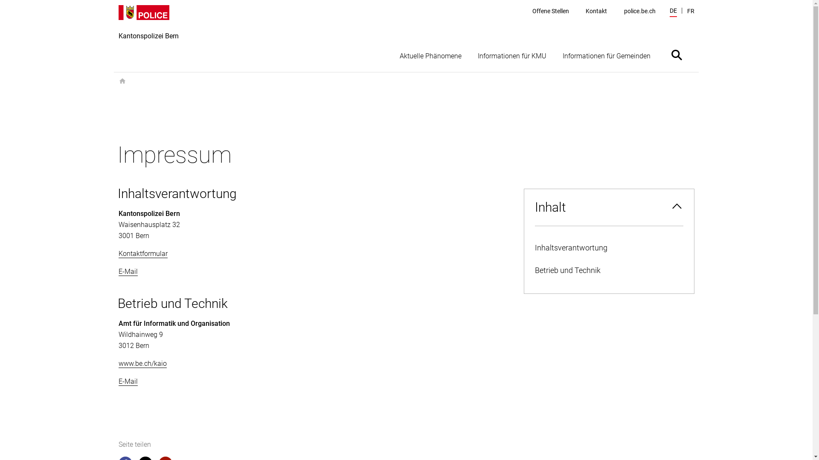 This screenshot has width=819, height=460. Describe the element at coordinates (142, 363) in the screenshot. I see `'www.be.ch/kaio'` at that location.